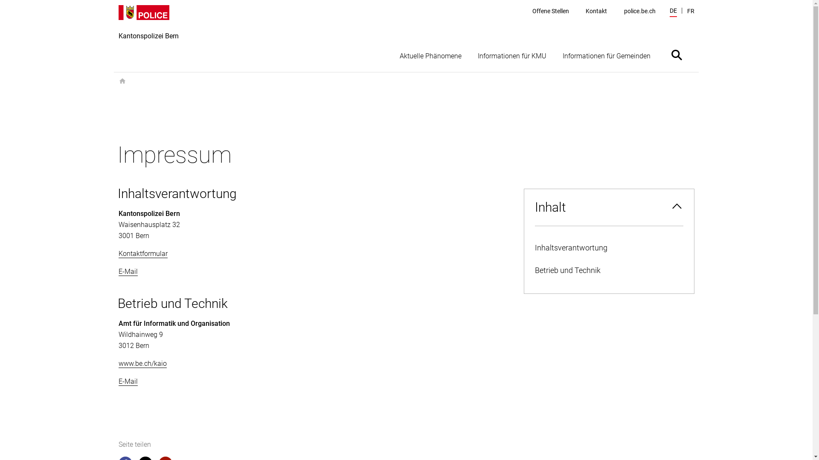 This screenshot has width=819, height=460. Describe the element at coordinates (142, 363) in the screenshot. I see `'www.be.ch/kaio'` at that location.